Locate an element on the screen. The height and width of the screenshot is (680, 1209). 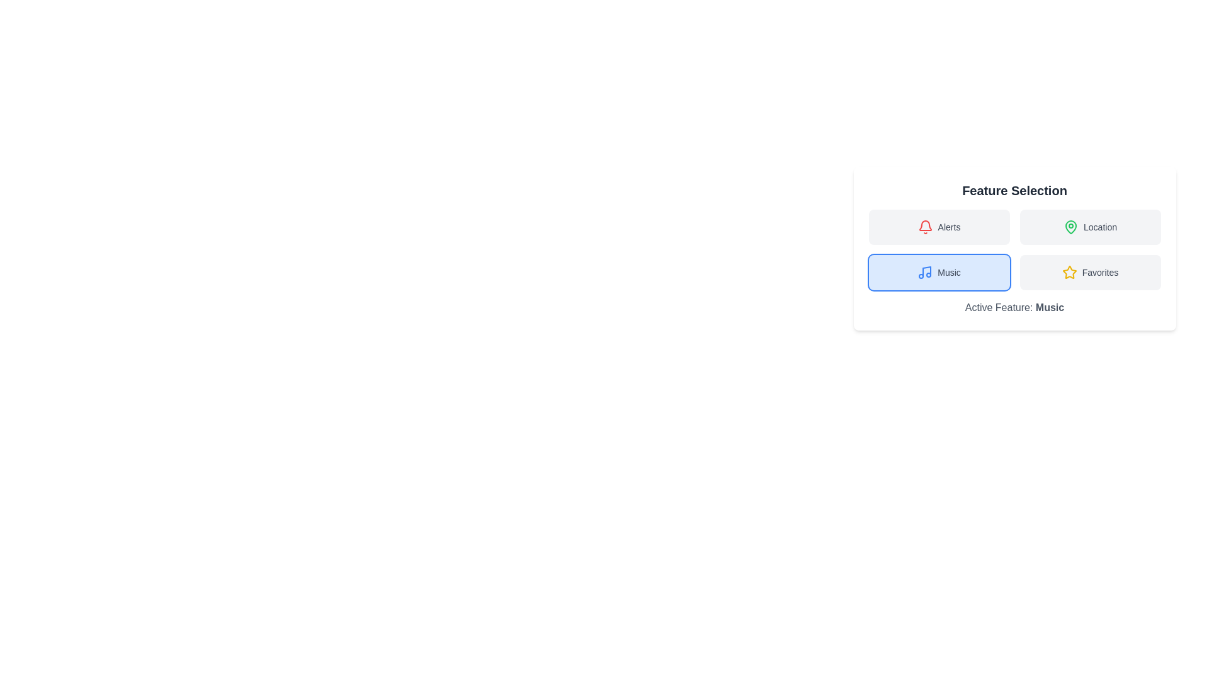
the Music button to observe its color change is located at coordinates (939, 271).